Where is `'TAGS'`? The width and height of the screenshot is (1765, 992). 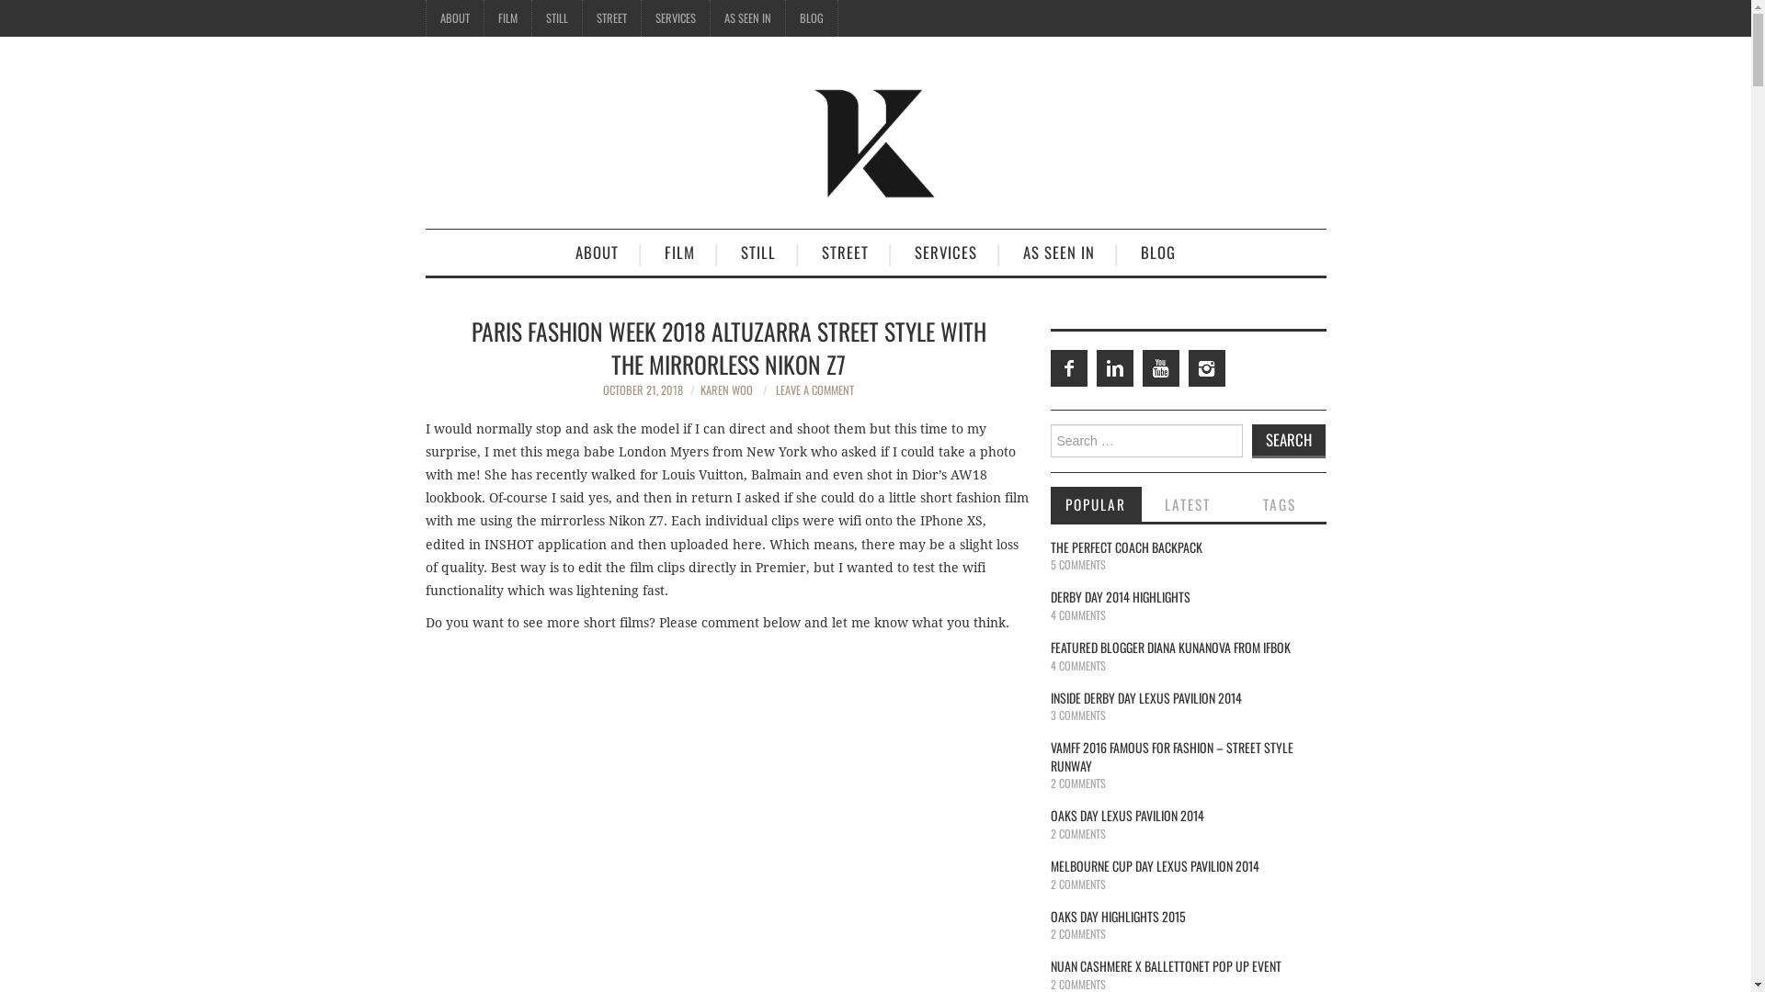
'TAGS' is located at coordinates (1279, 503).